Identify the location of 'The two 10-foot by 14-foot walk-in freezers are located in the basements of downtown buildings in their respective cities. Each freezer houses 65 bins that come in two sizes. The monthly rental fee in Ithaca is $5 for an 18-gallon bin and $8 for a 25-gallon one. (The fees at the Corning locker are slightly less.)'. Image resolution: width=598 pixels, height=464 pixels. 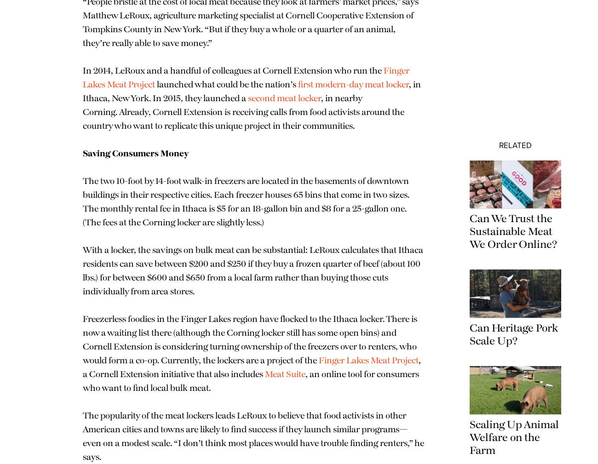
(189, 215).